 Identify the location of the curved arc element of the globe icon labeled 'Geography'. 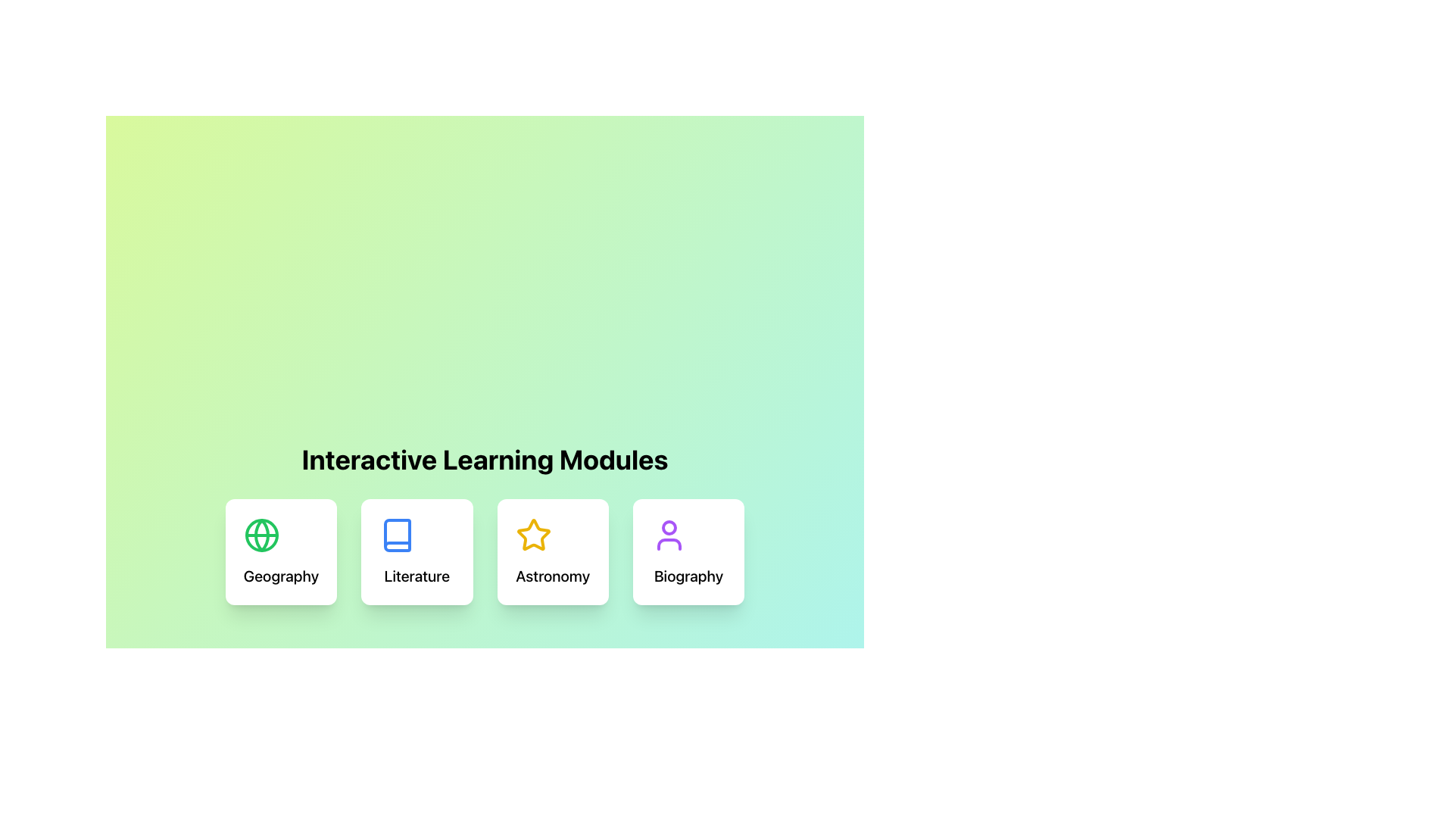
(261, 534).